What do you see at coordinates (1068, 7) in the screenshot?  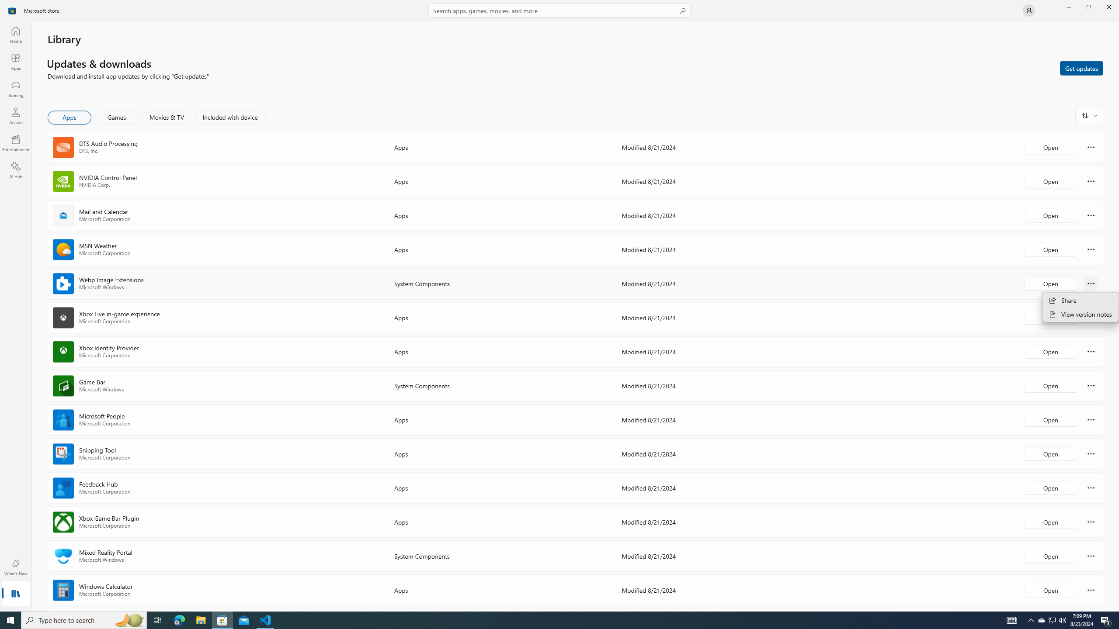 I see `'Minimize Microsoft Store'` at bounding box center [1068, 7].